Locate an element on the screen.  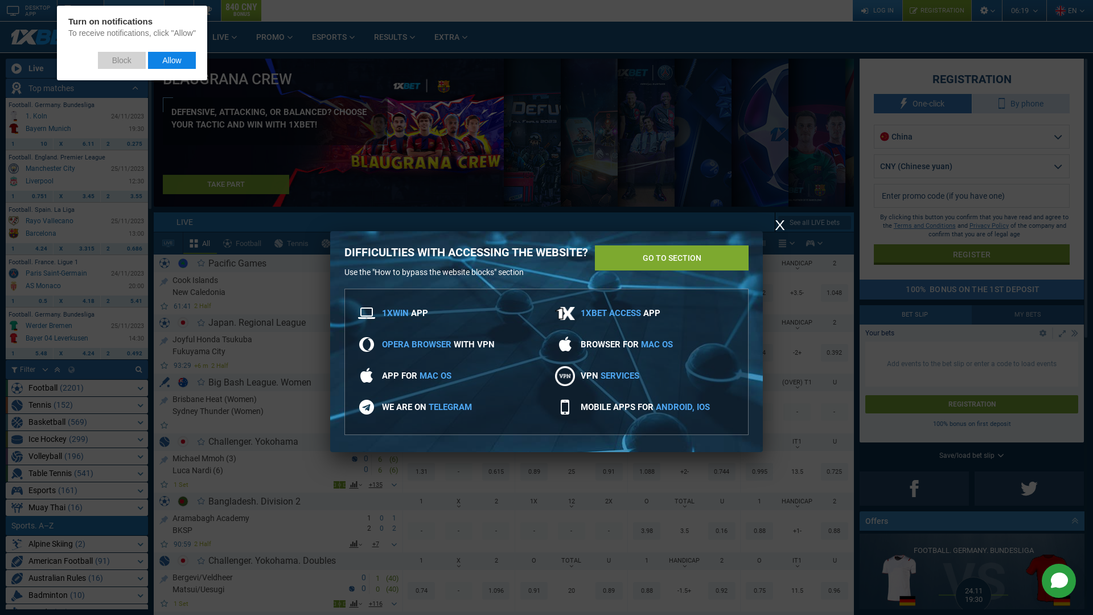
'Pin left-hand menu' is located at coordinates (139, 68).